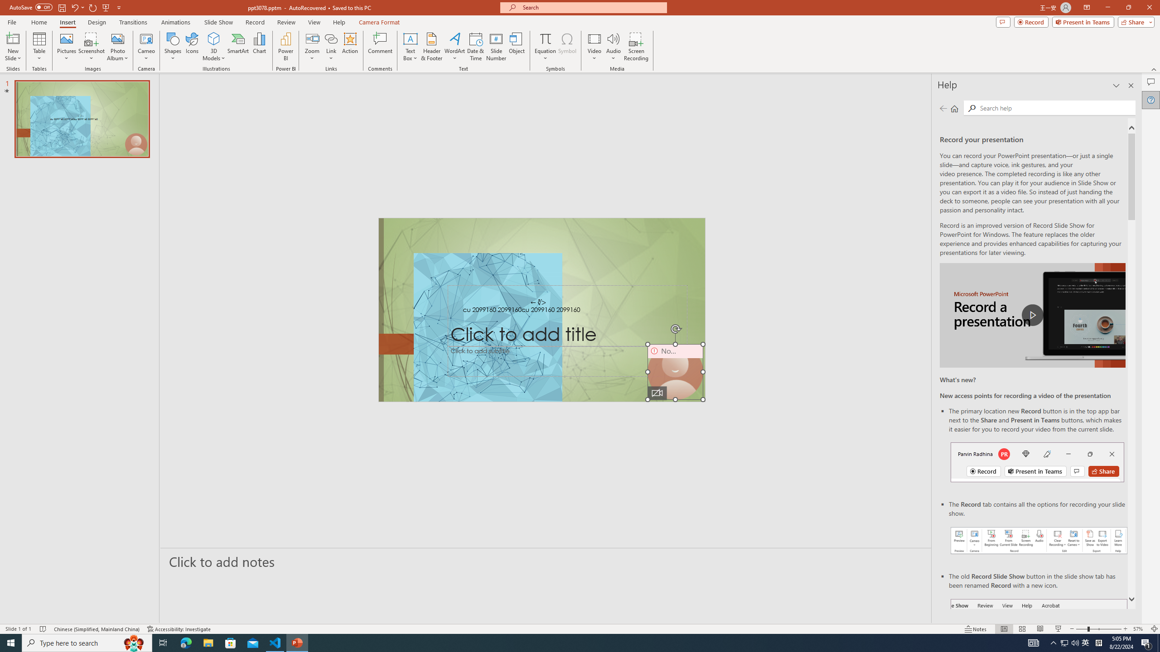 Image resolution: width=1160 pixels, height=652 pixels. What do you see at coordinates (146, 38) in the screenshot?
I see `'Cameo'` at bounding box center [146, 38].